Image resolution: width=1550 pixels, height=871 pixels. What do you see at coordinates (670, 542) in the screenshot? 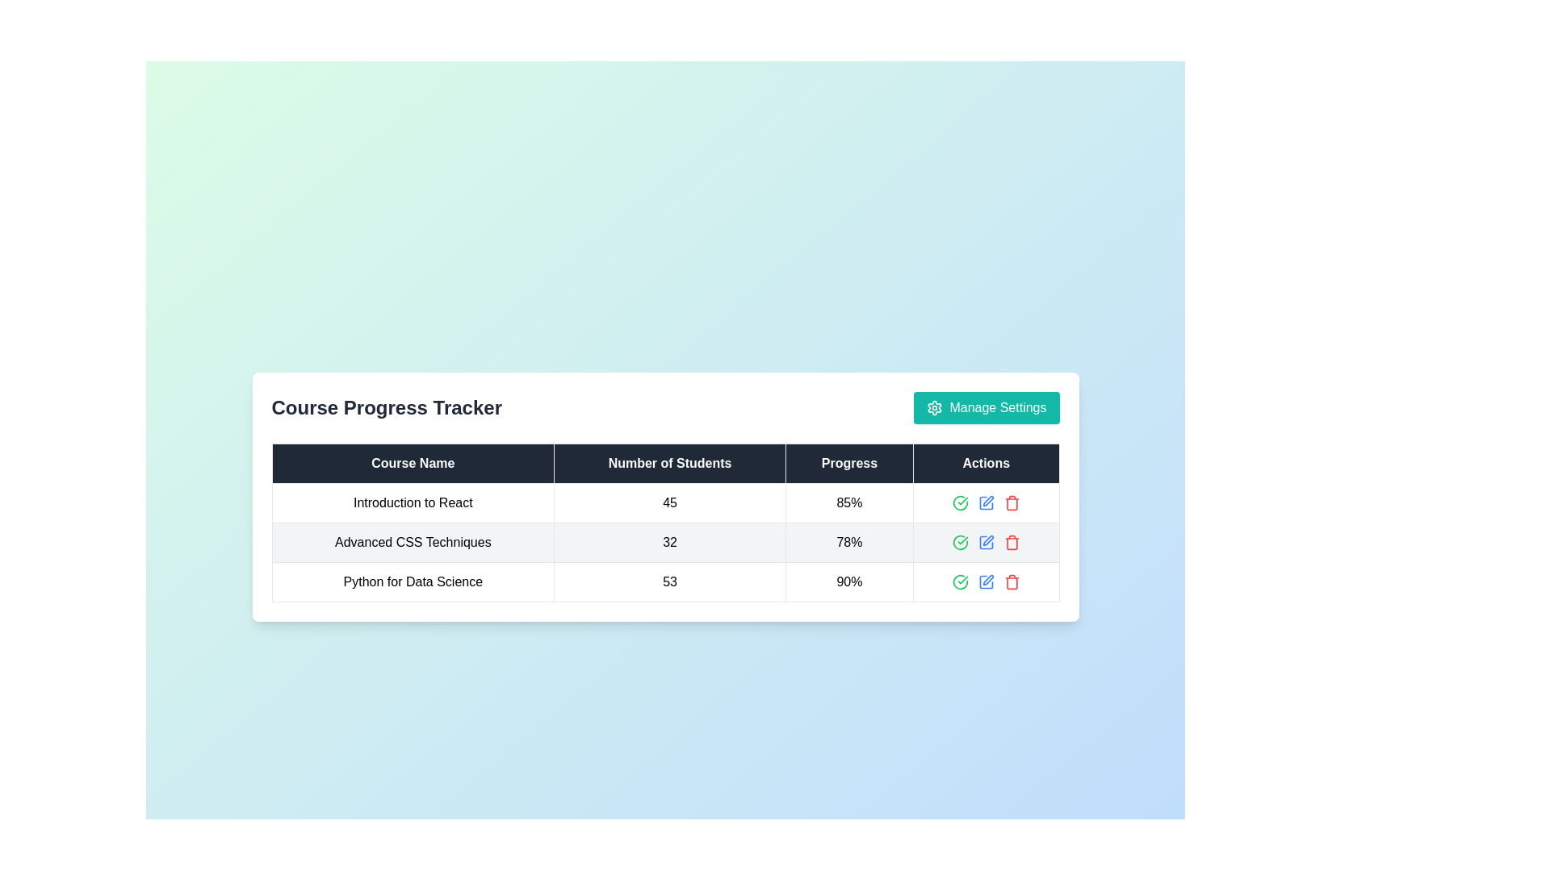
I see `the numerical text '32' located in the second row of the table under the 'Number of Students' column` at bounding box center [670, 542].